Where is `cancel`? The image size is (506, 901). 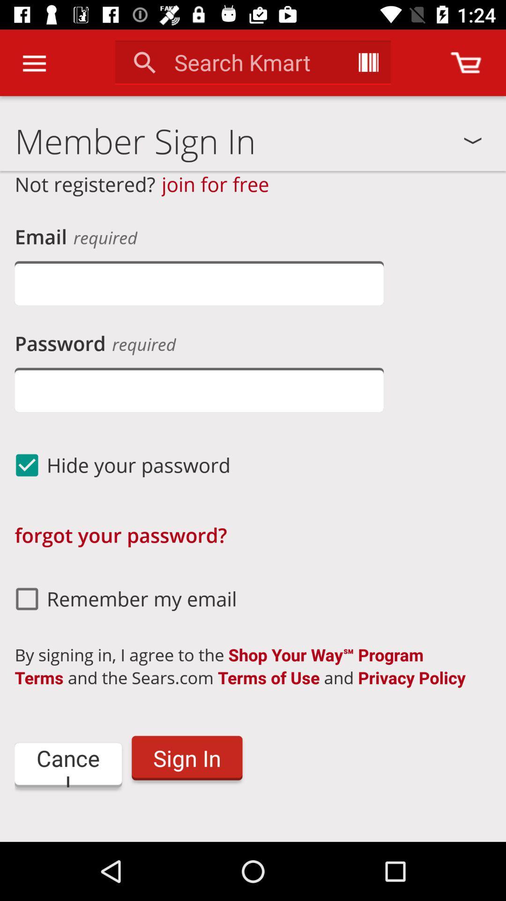 cancel is located at coordinates (67, 765).